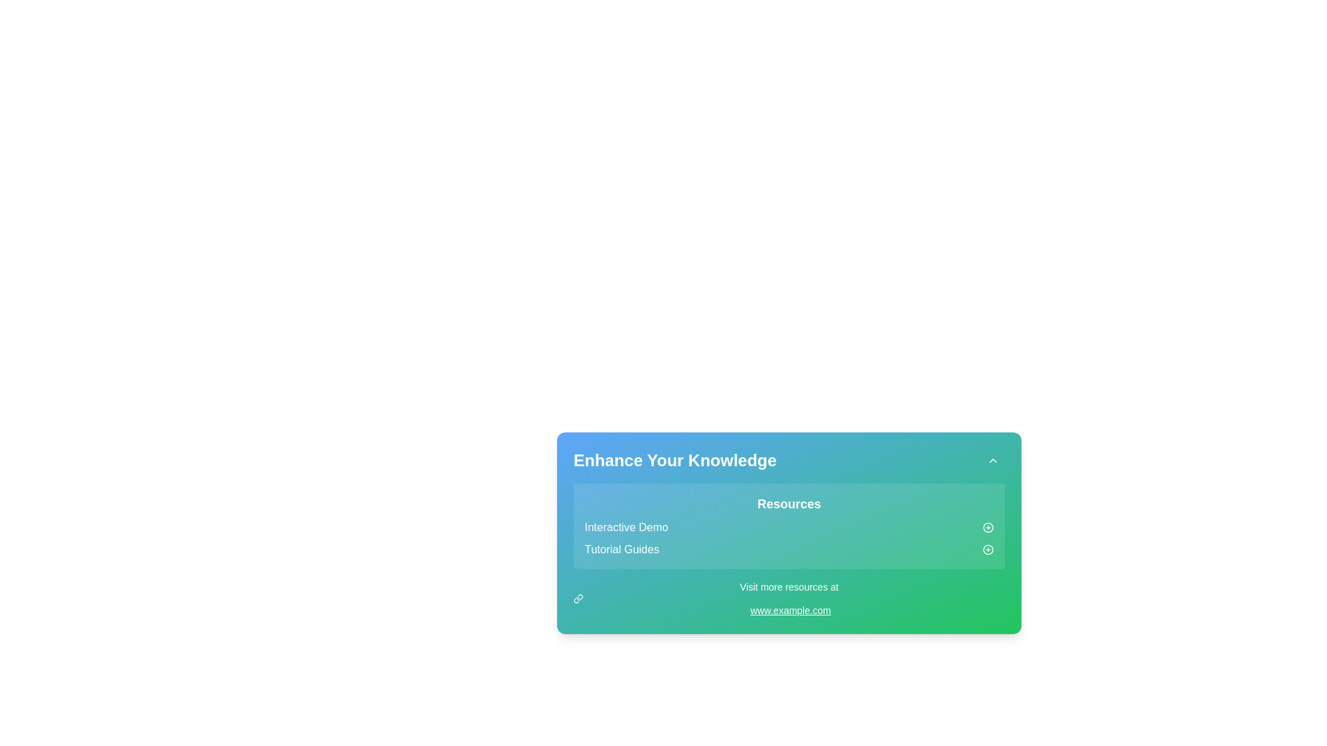 The image size is (1327, 746). What do you see at coordinates (578, 598) in the screenshot?
I see `the chain link icon located at the bottom left of the card titled 'Enhance Your Knowledge.'` at bounding box center [578, 598].